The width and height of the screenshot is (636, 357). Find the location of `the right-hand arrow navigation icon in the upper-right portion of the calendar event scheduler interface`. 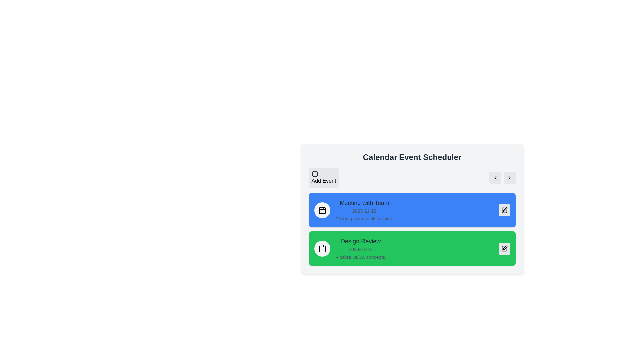

the right-hand arrow navigation icon in the upper-right portion of the calendar event scheduler interface is located at coordinates (509, 177).